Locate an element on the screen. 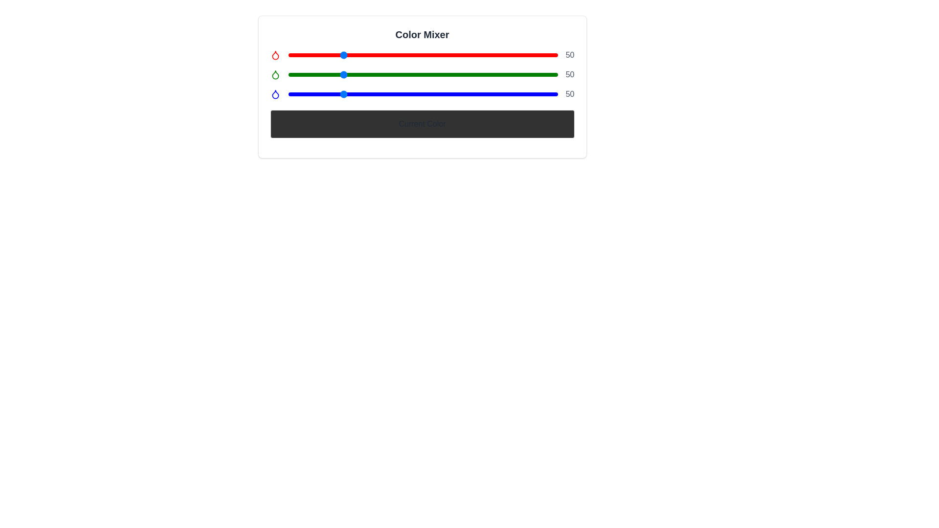 The image size is (939, 528). the green color slider to 115 is located at coordinates (410, 74).